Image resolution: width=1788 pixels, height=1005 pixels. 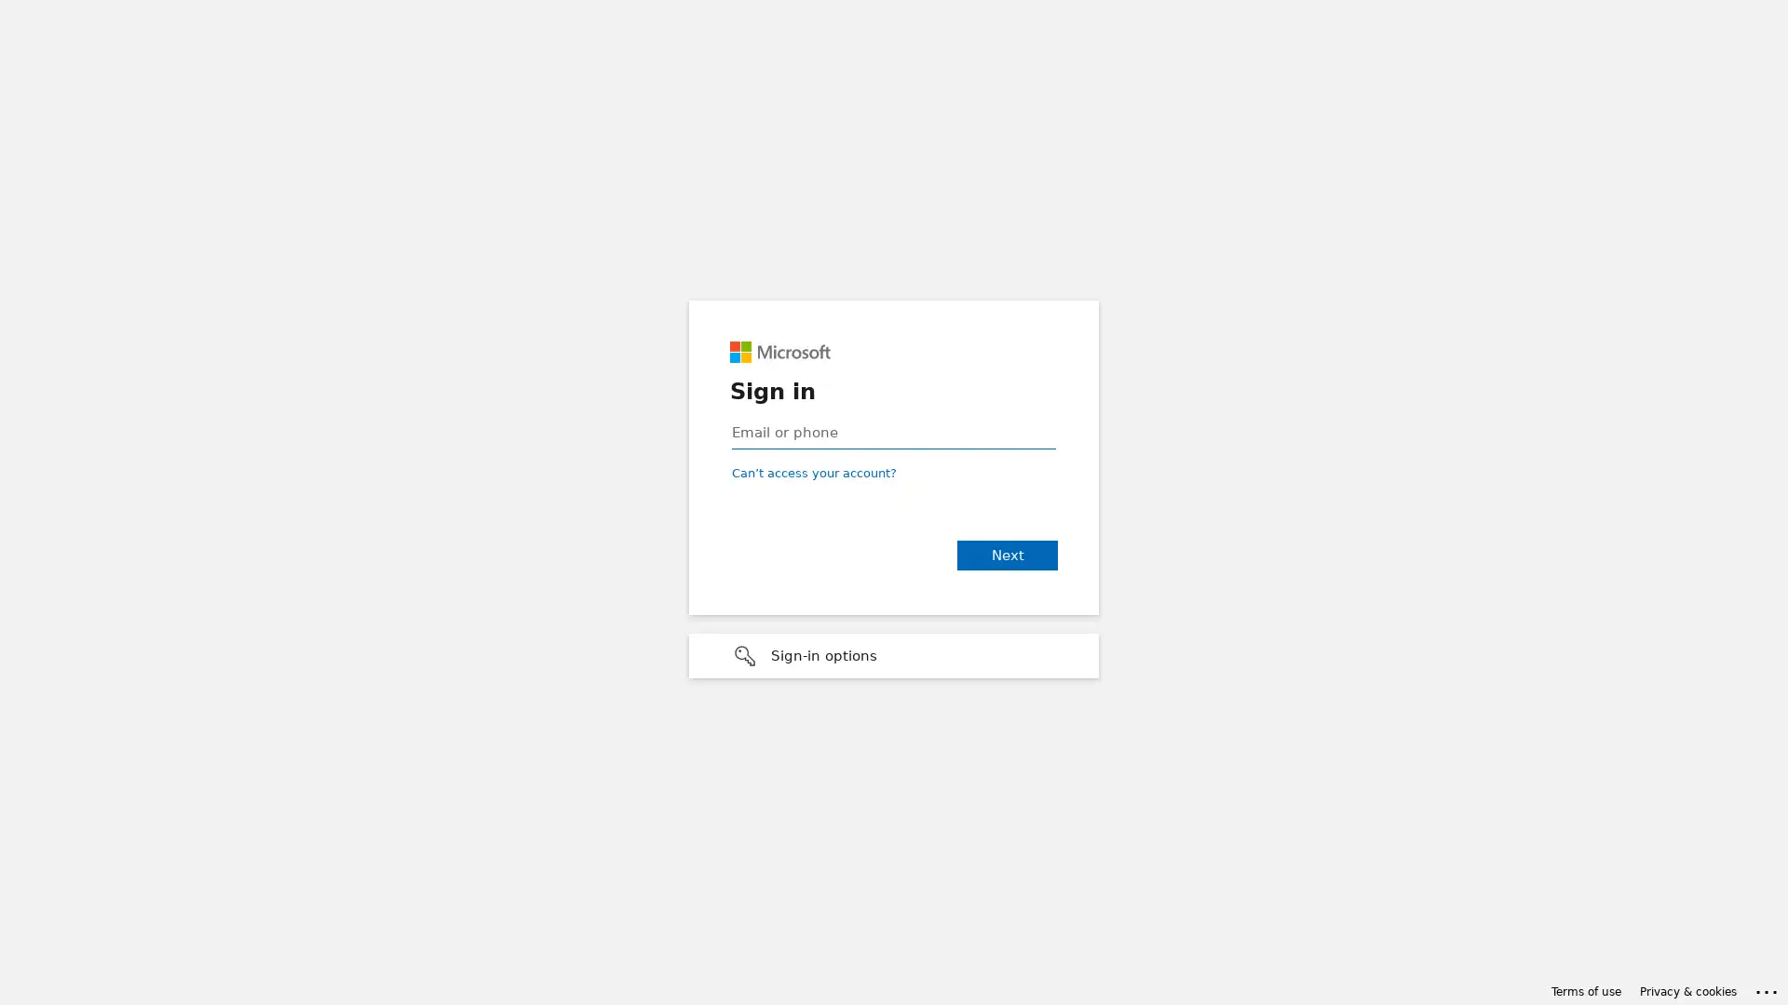 I want to click on Next, so click(x=1006, y=555).